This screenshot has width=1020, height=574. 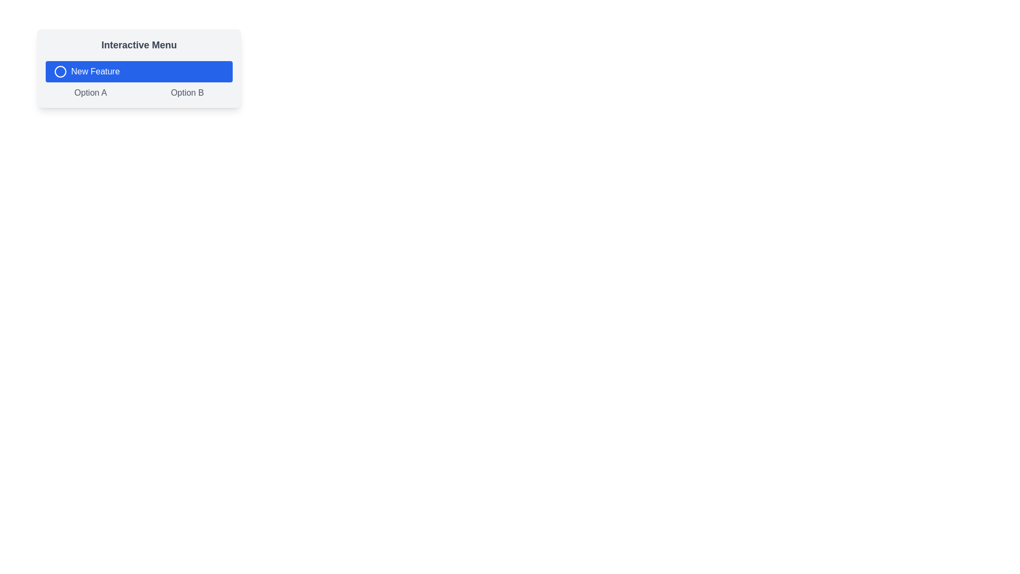 What do you see at coordinates (186, 92) in the screenshot?
I see `the second clickable text option below the 'New Feature' button` at bounding box center [186, 92].